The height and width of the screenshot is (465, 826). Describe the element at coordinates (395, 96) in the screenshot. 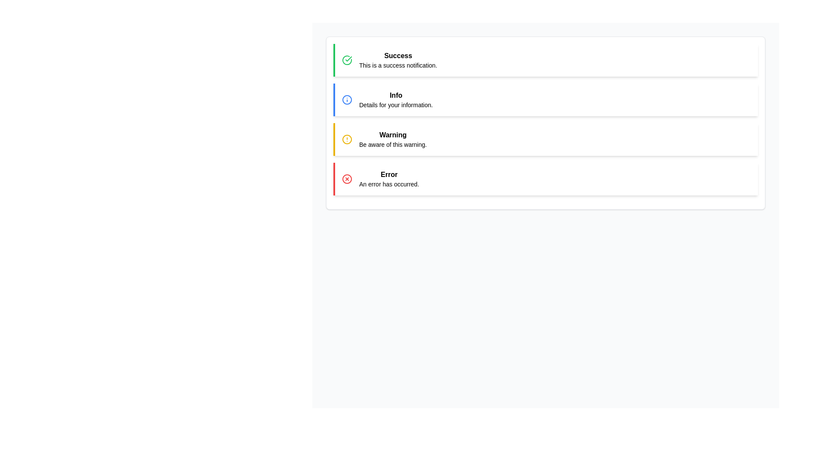

I see `the informational header text in the second notification box, which identifies the type of notification for the user` at that location.